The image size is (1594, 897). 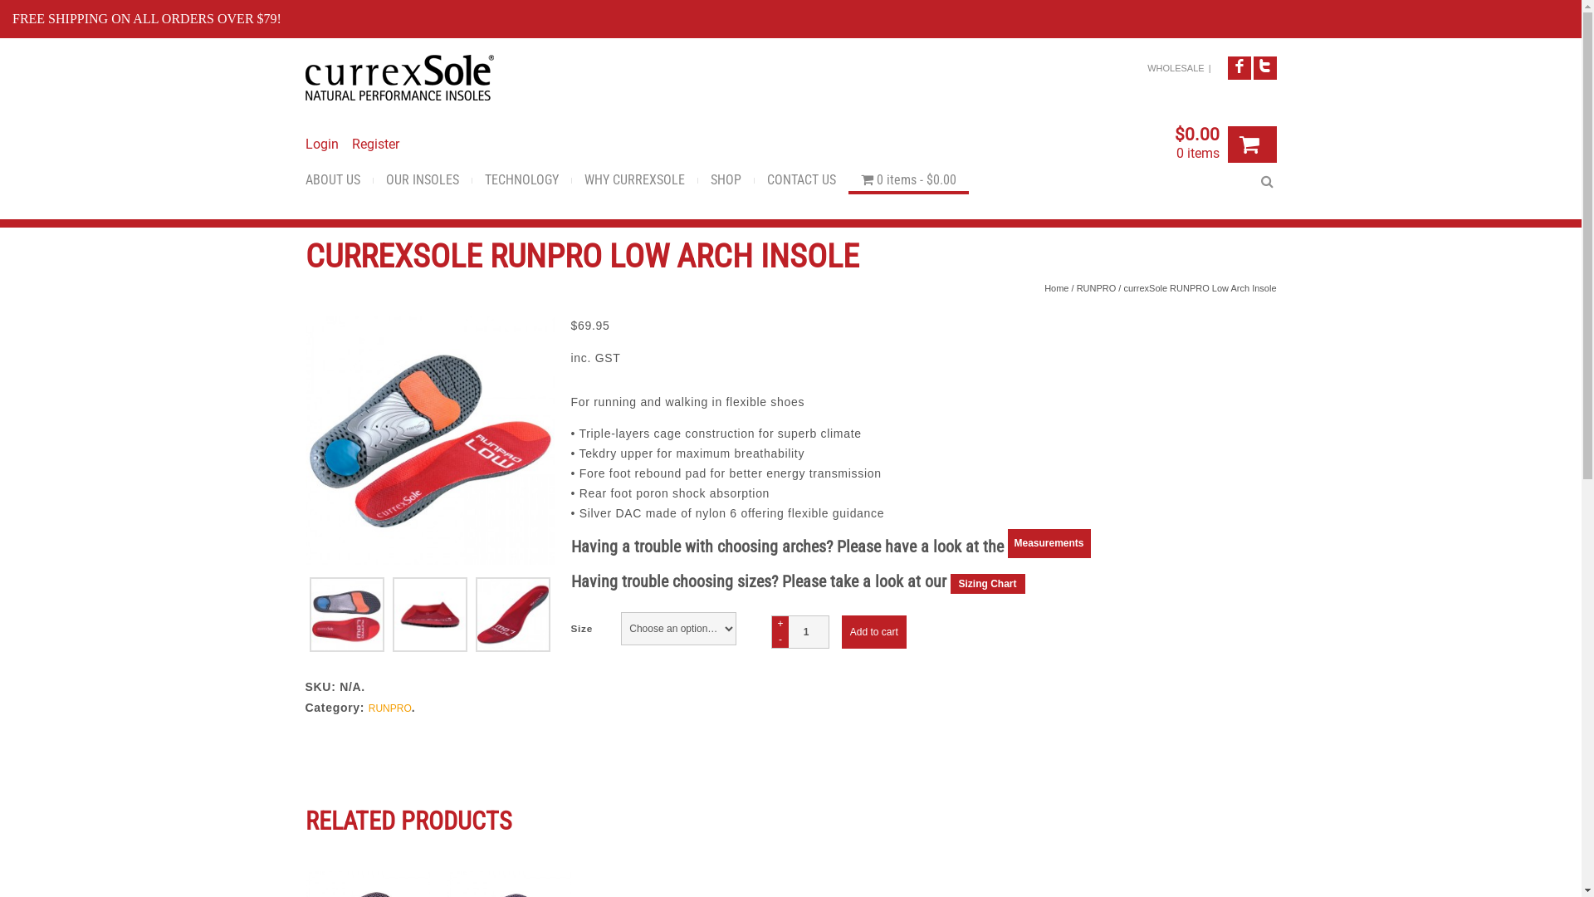 What do you see at coordinates (1175, 66) in the screenshot?
I see `'WHOLESALE'` at bounding box center [1175, 66].